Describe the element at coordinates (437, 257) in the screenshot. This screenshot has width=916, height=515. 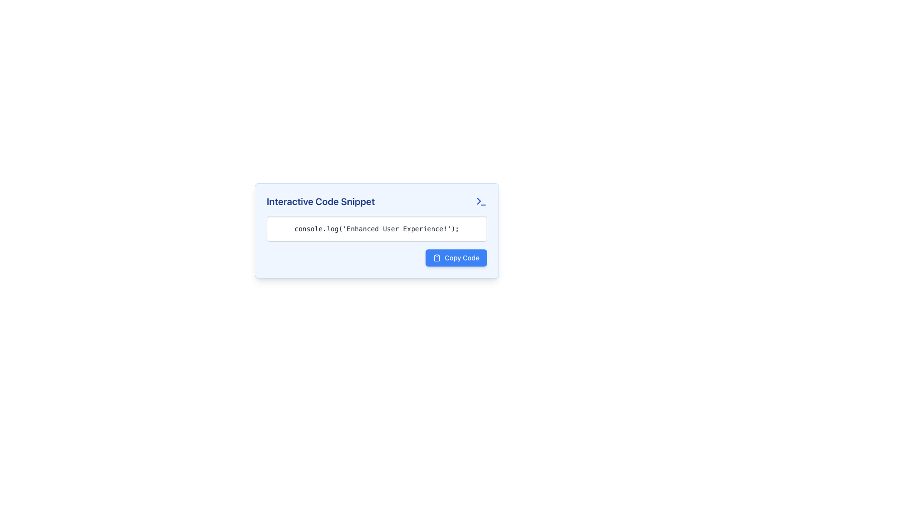
I see `the clipboard icon located on the left-hand side of the 'Copy Code' button underneath the code snippet box` at that location.